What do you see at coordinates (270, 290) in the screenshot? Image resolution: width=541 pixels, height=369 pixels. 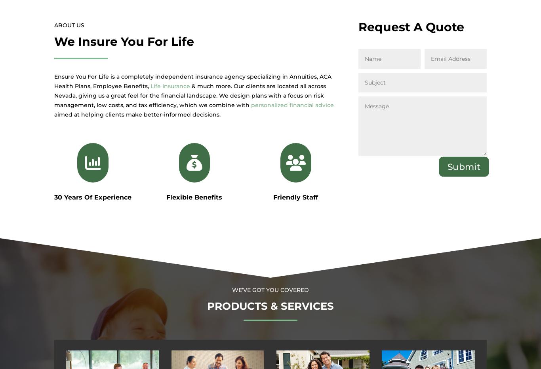 I see `'We’ve Got You Covered'` at bounding box center [270, 290].